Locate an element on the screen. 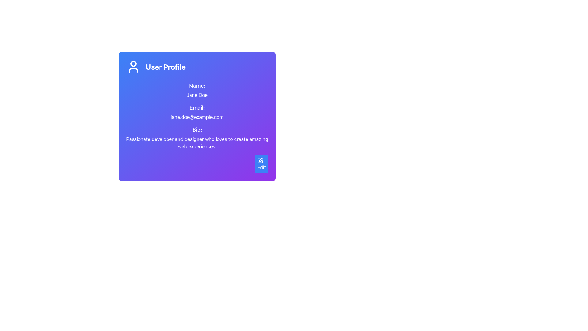 The image size is (588, 331). the text display element that shows the user's name 'Jane Doe', which is marked with the label 'Name:' and is located in the middle section of the 'User Profile' card is located at coordinates (197, 90).